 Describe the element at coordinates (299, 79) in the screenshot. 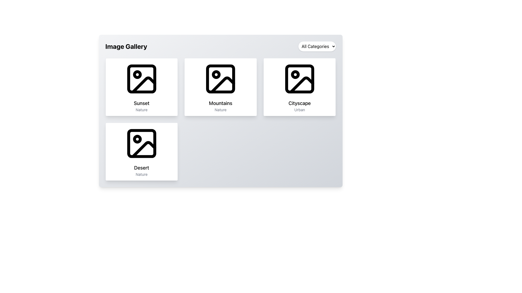

I see `the 'Cityscape Urban' image thumbnail, which is represented by the rectangular graphical component on the right side of the image gallery` at that location.